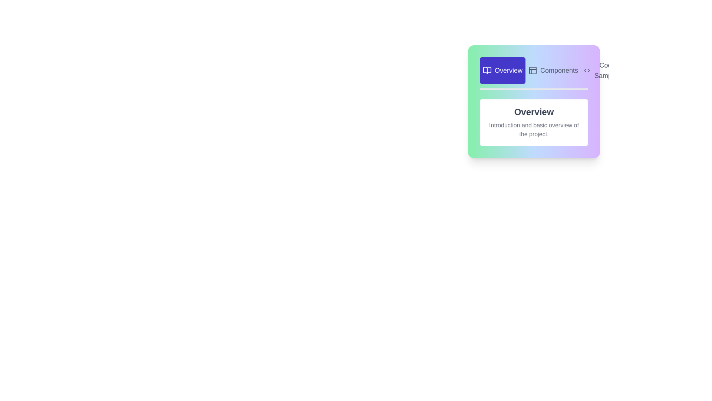  I want to click on the tab labeled Components to observe its styling change, so click(553, 70).